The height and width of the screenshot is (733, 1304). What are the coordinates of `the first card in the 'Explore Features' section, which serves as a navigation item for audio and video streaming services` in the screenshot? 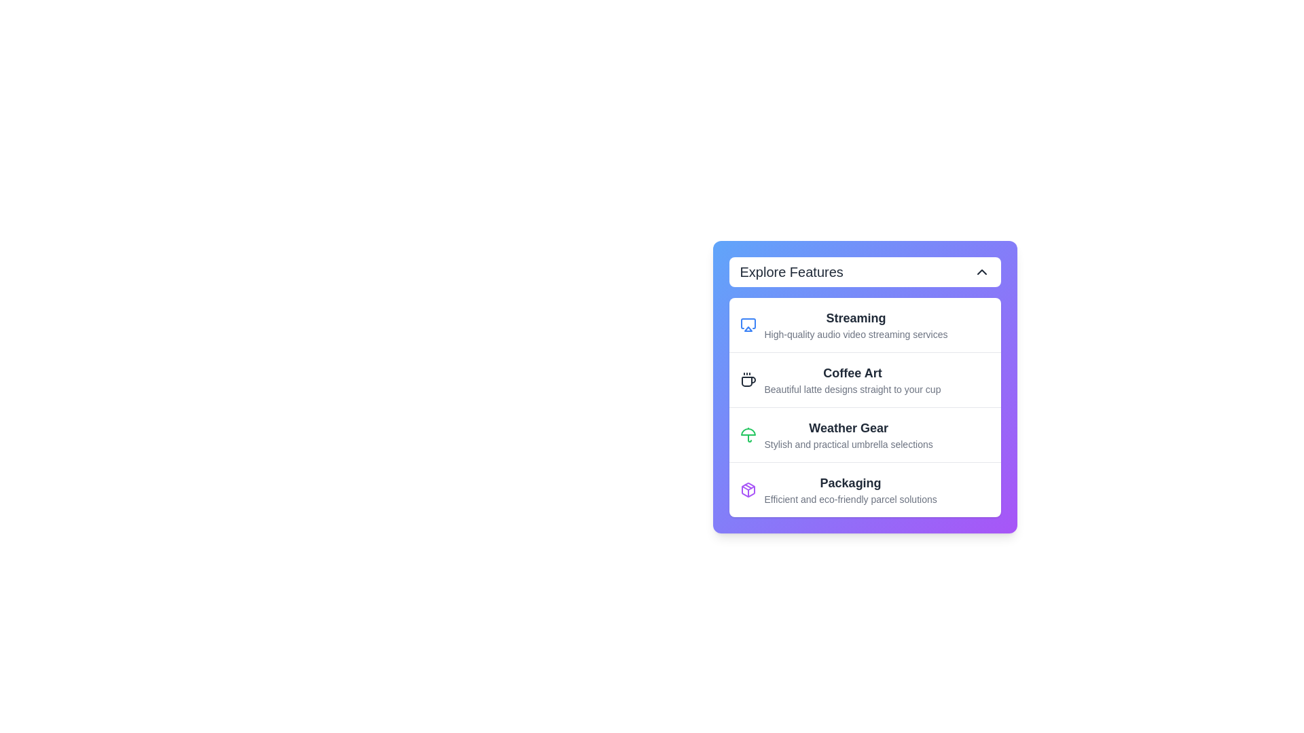 It's located at (864, 324).